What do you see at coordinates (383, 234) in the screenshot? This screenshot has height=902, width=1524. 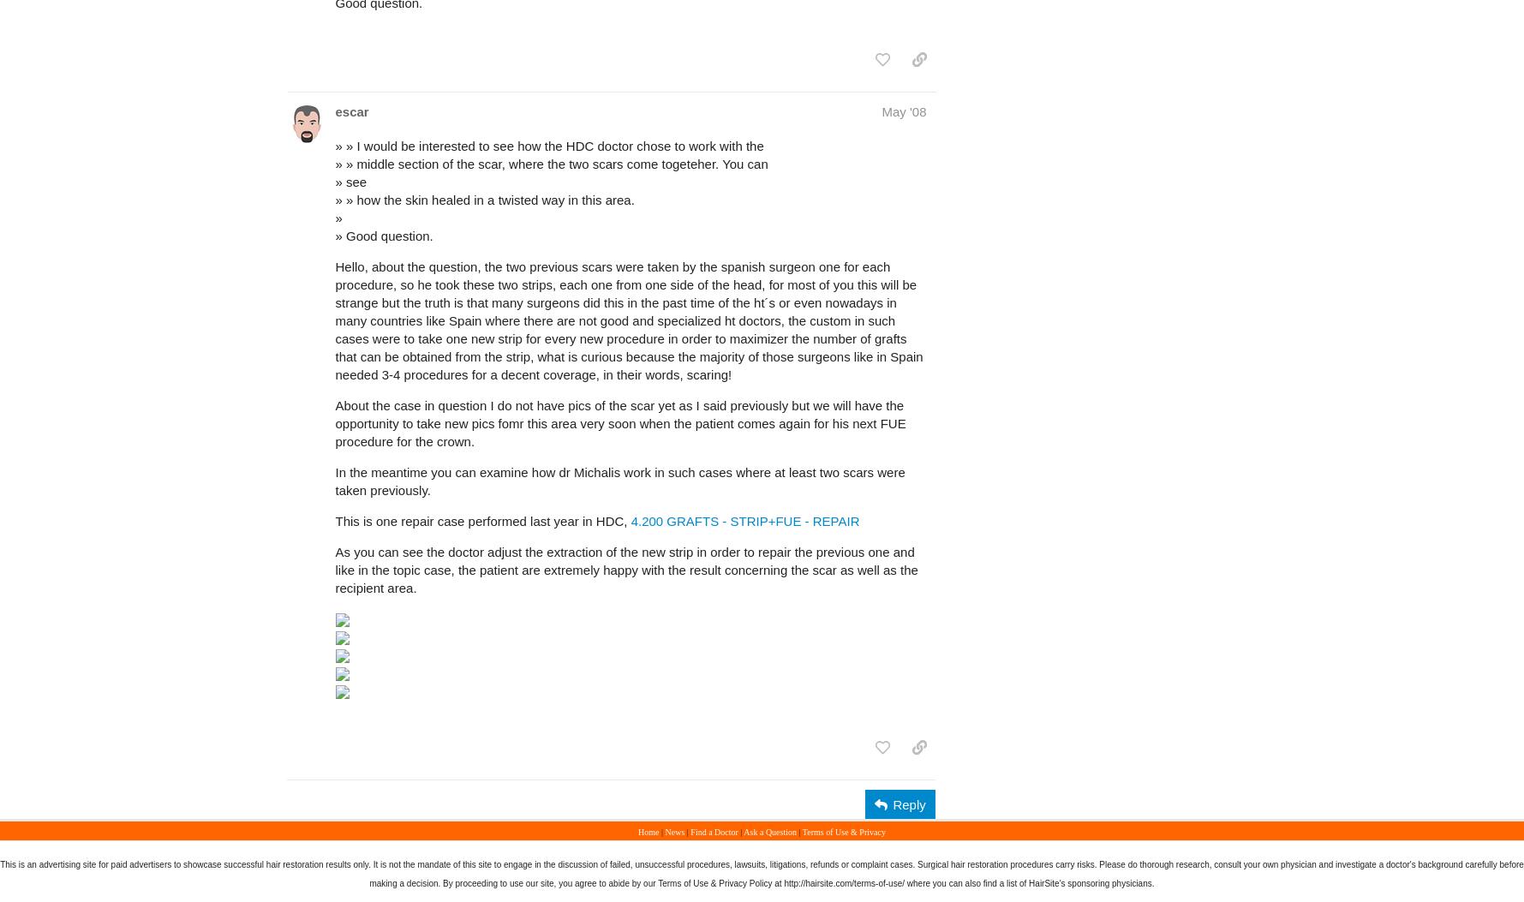 I see `'» Good question.'` at bounding box center [383, 234].